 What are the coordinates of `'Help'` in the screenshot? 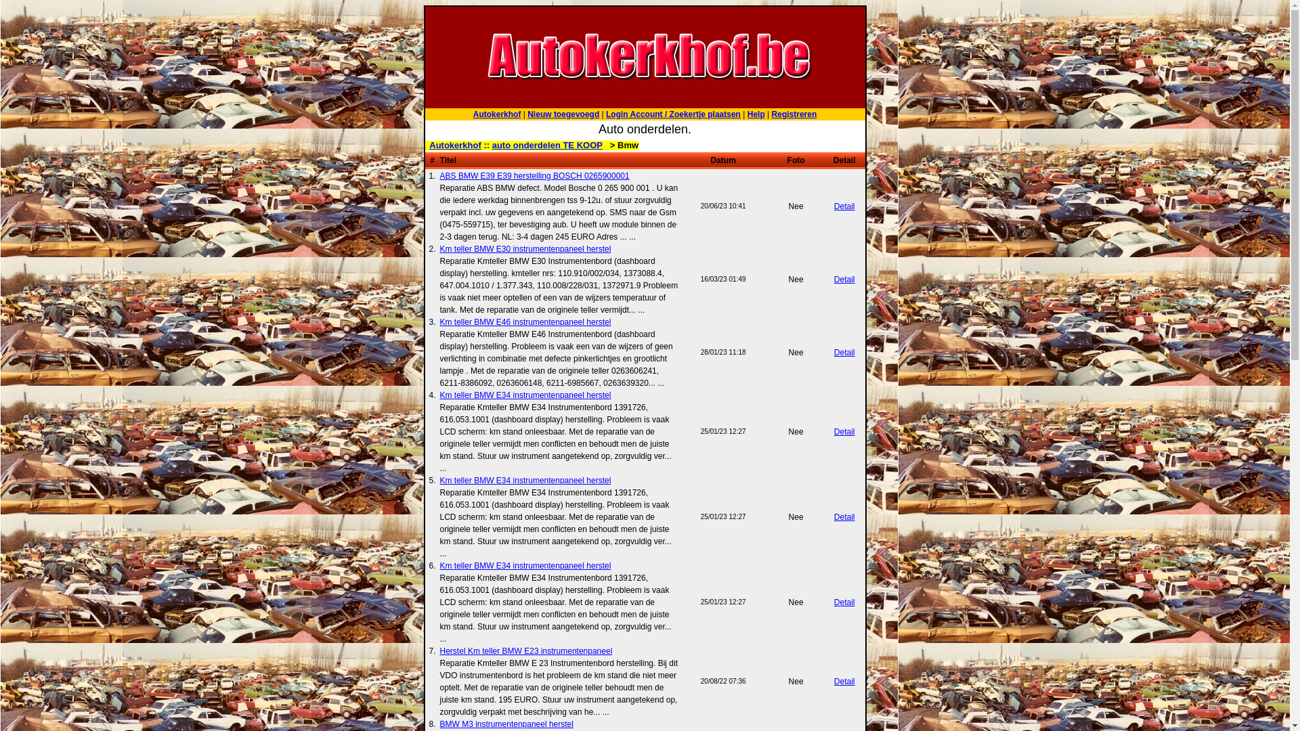 It's located at (756, 114).